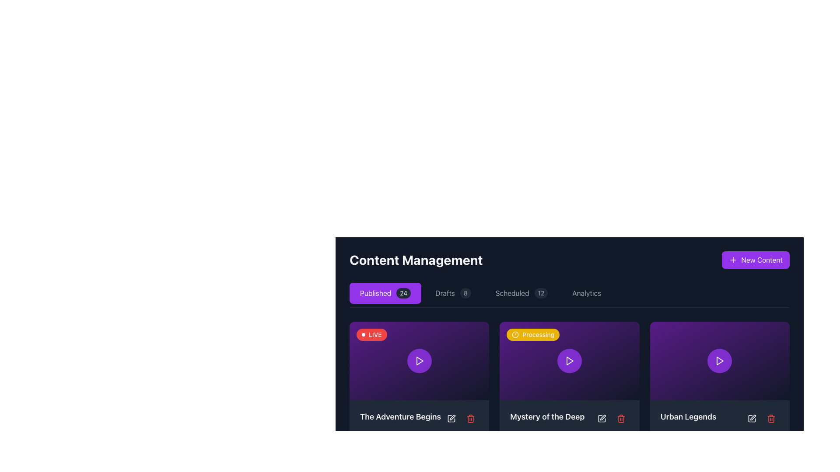  Describe the element at coordinates (620, 418) in the screenshot. I see `the red trash can icon button located in the bottom-right corner of the 'Mystery of the Deep' content card` at that location.